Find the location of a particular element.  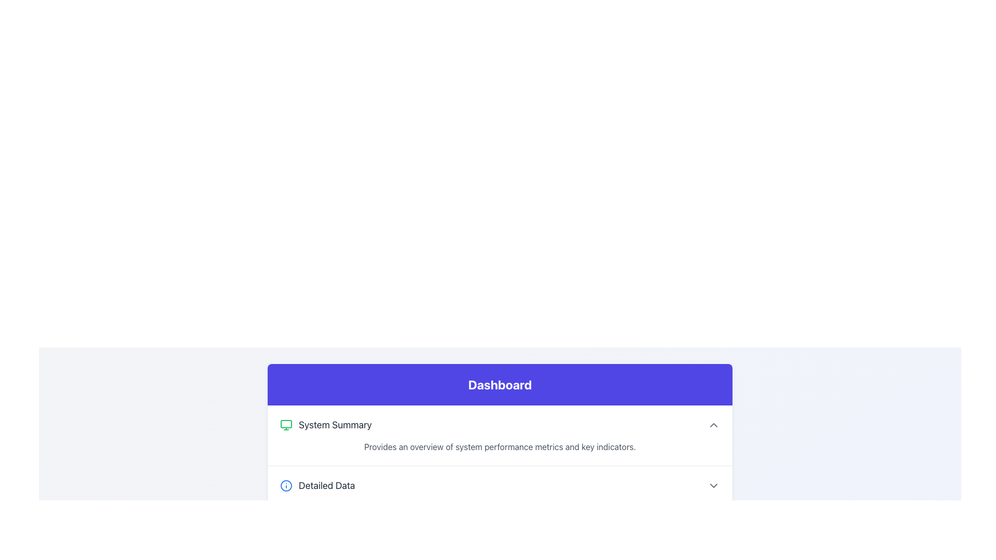

the small downward-pointing chevron icon with a thin outline located on the right side of the 'Detailed Data' row is located at coordinates (713, 486).